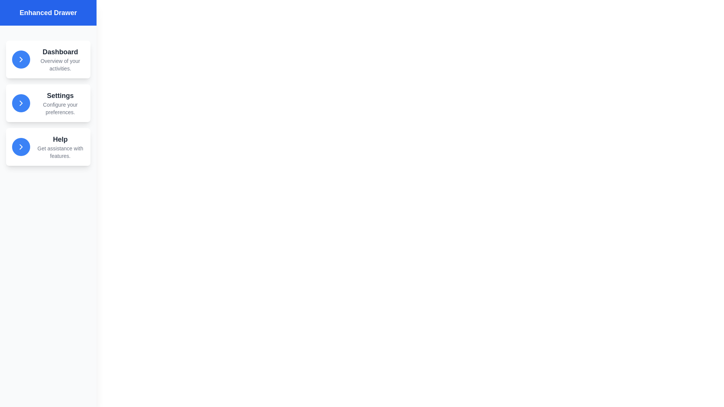 This screenshot has width=724, height=407. Describe the element at coordinates (48, 59) in the screenshot. I see `the menu item Dashboard` at that location.